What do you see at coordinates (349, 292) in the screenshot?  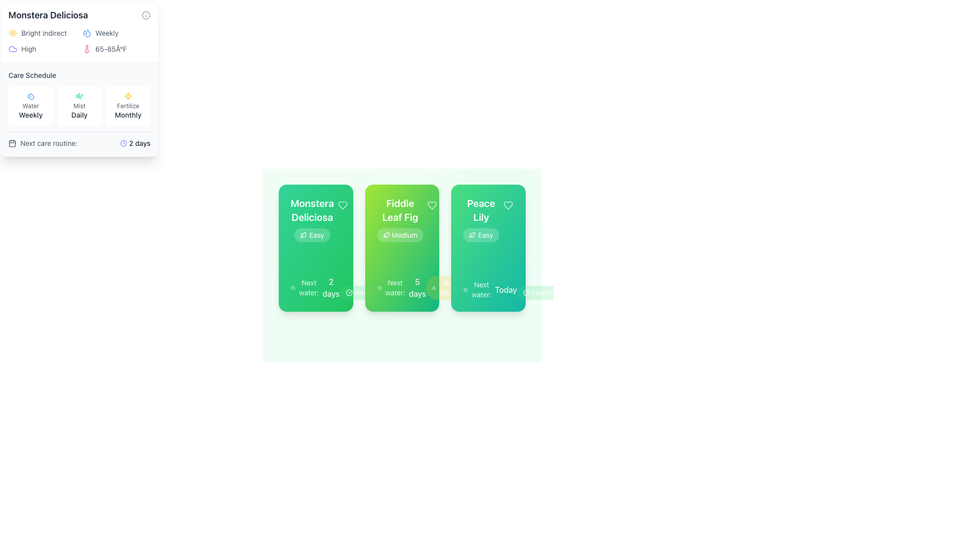 I see `the small circular icon representing a 'check' symbol, which is styled with a white stroke on a green background and located to the left of the 'Healthy' label` at bounding box center [349, 292].